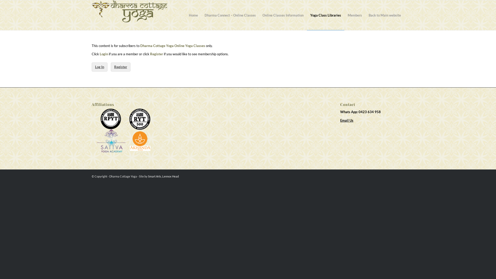 The width and height of the screenshot is (496, 279). Describe the element at coordinates (99, 67) in the screenshot. I see `'Log In'` at that location.